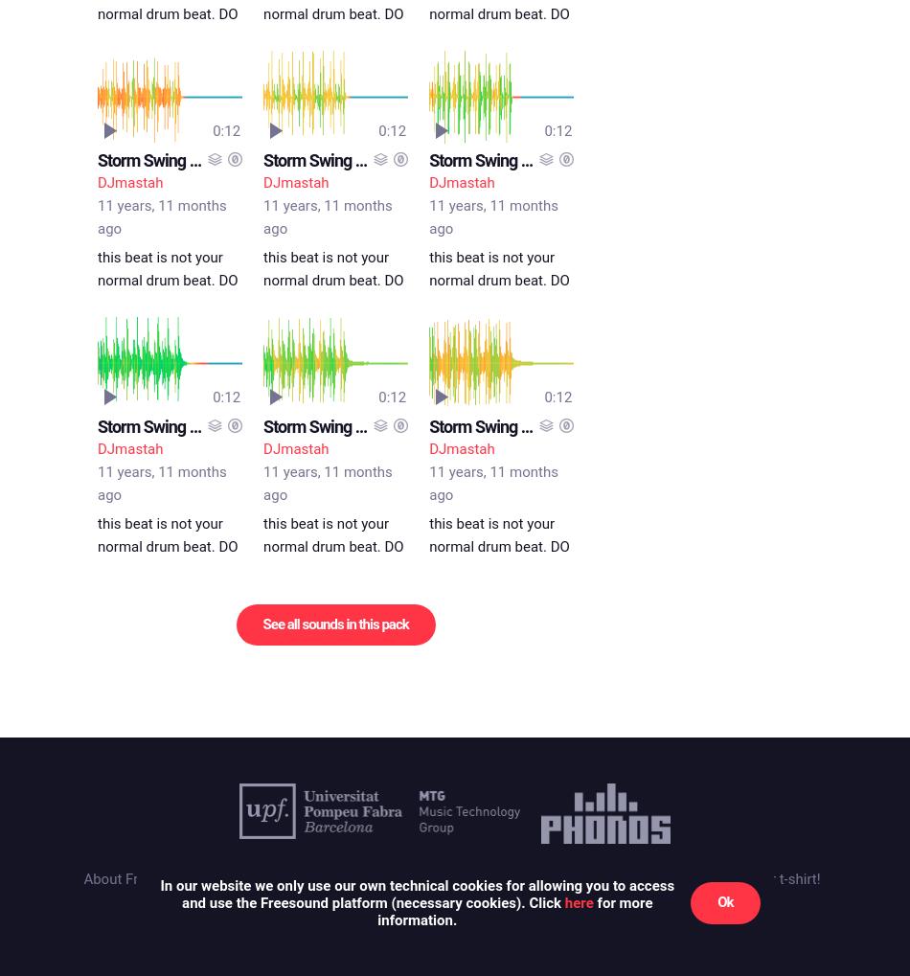  Describe the element at coordinates (364, 875) in the screenshot. I see `'Cookies'` at that location.